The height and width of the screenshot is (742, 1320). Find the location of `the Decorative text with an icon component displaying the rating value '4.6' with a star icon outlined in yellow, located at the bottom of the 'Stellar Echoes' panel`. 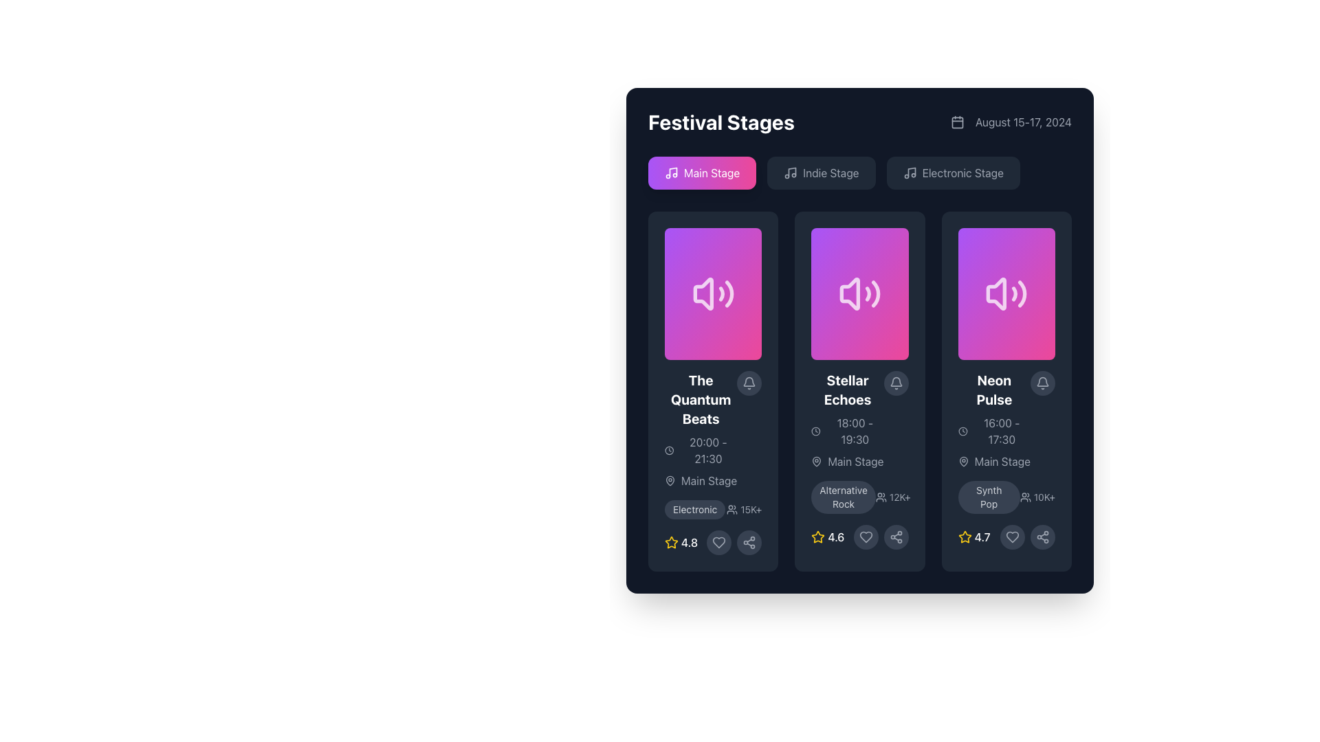

the Decorative text with an icon component displaying the rating value '4.6' with a star icon outlined in yellow, located at the bottom of the 'Stellar Echoes' panel is located at coordinates (827, 537).